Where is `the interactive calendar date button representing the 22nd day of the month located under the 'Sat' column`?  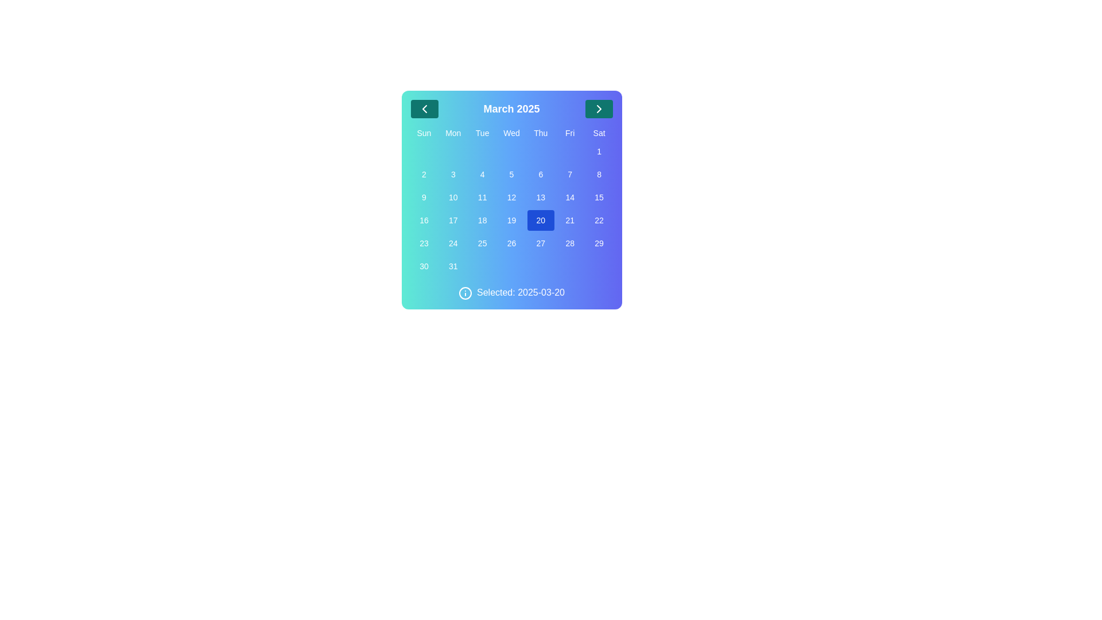
the interactive calendar date button representing the 22nd day of the month located under the 'Sat' column is located at coordinates (599, 220).